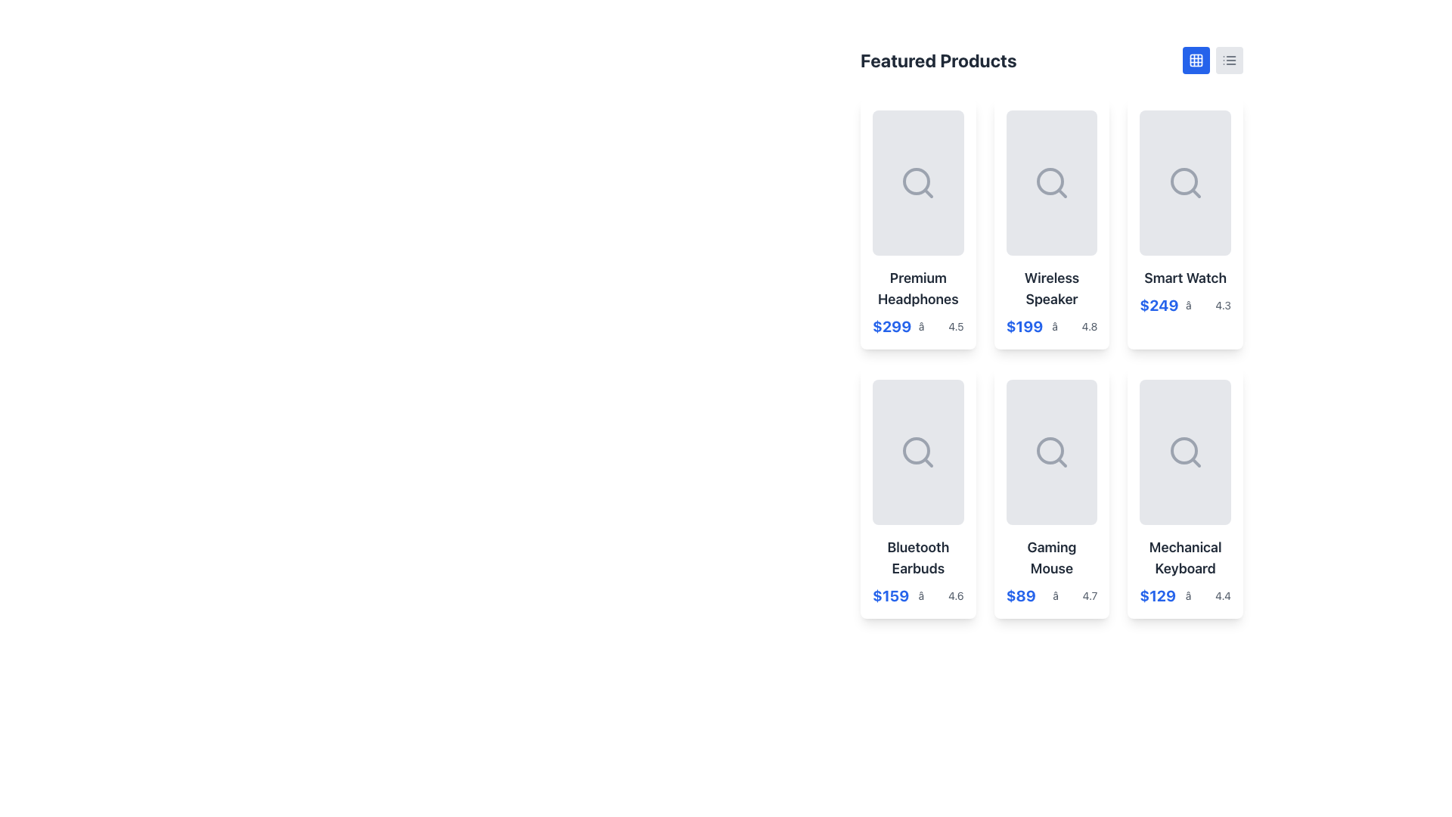  Describe the element at coordinates (1074, 326) in the screenshot. I see `the text label with a star icon that displays the rating '4.8', located under the price of the 'Wireless Speaker' card in the second column of the product grid` at that location.